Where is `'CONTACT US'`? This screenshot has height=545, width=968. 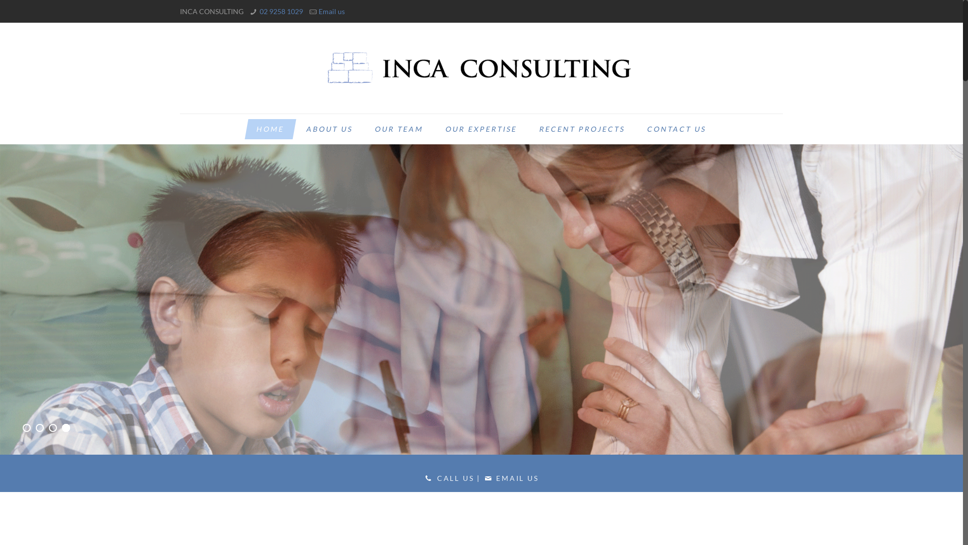
'CONTACT US' is located at coordinates (675, 128).